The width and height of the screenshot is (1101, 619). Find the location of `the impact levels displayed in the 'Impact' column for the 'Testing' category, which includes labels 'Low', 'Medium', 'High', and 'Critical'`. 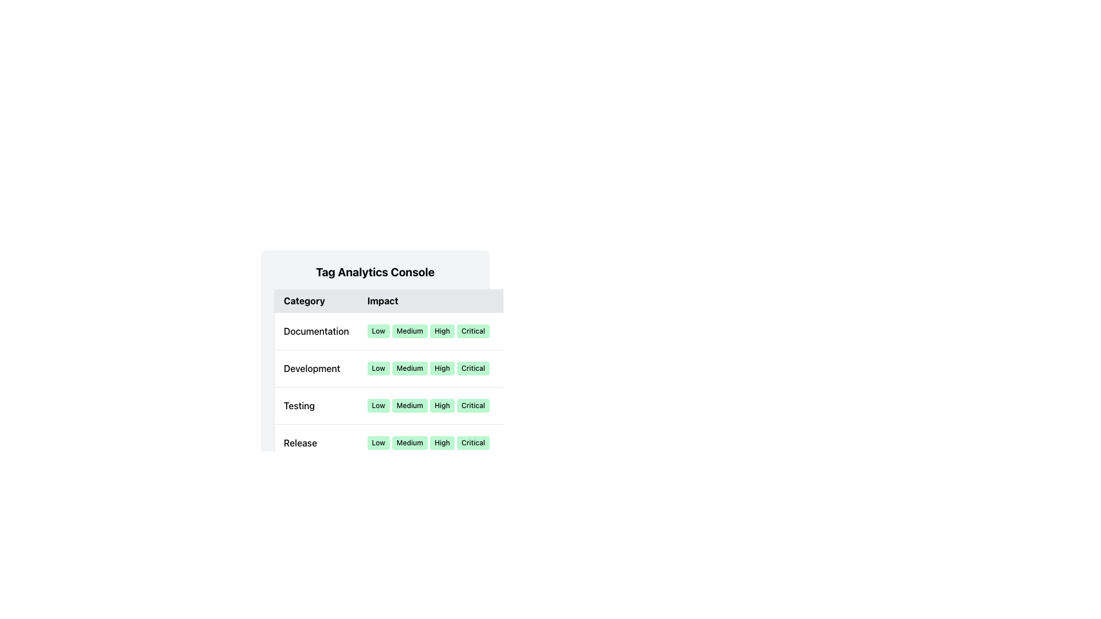

the impact levels displayed in the 'Impact' column for the 'Testing' category, which includes labels 'Low', 'Medium', 'High', and 'Critical' is located at coordinates (428, 405).